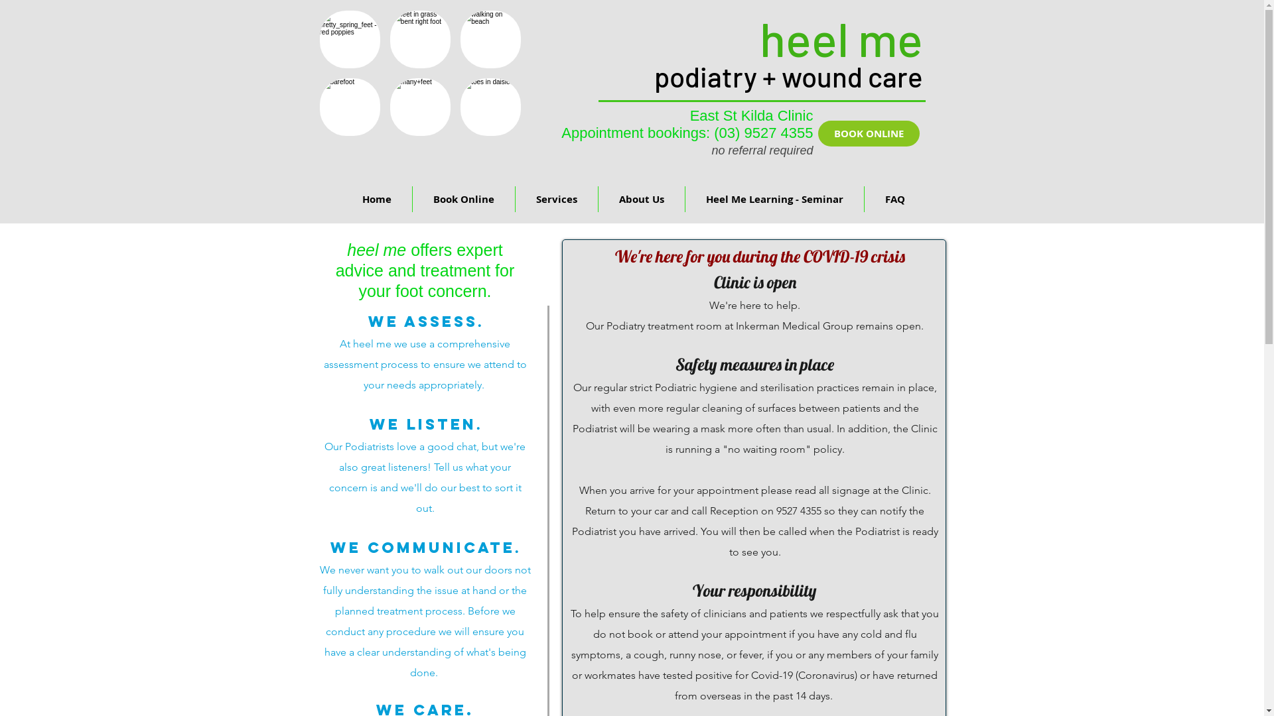  What do you see at coordinates (863, 199) in the screenshot?
I see `'FAQ'` at bounding box center [863, 199].